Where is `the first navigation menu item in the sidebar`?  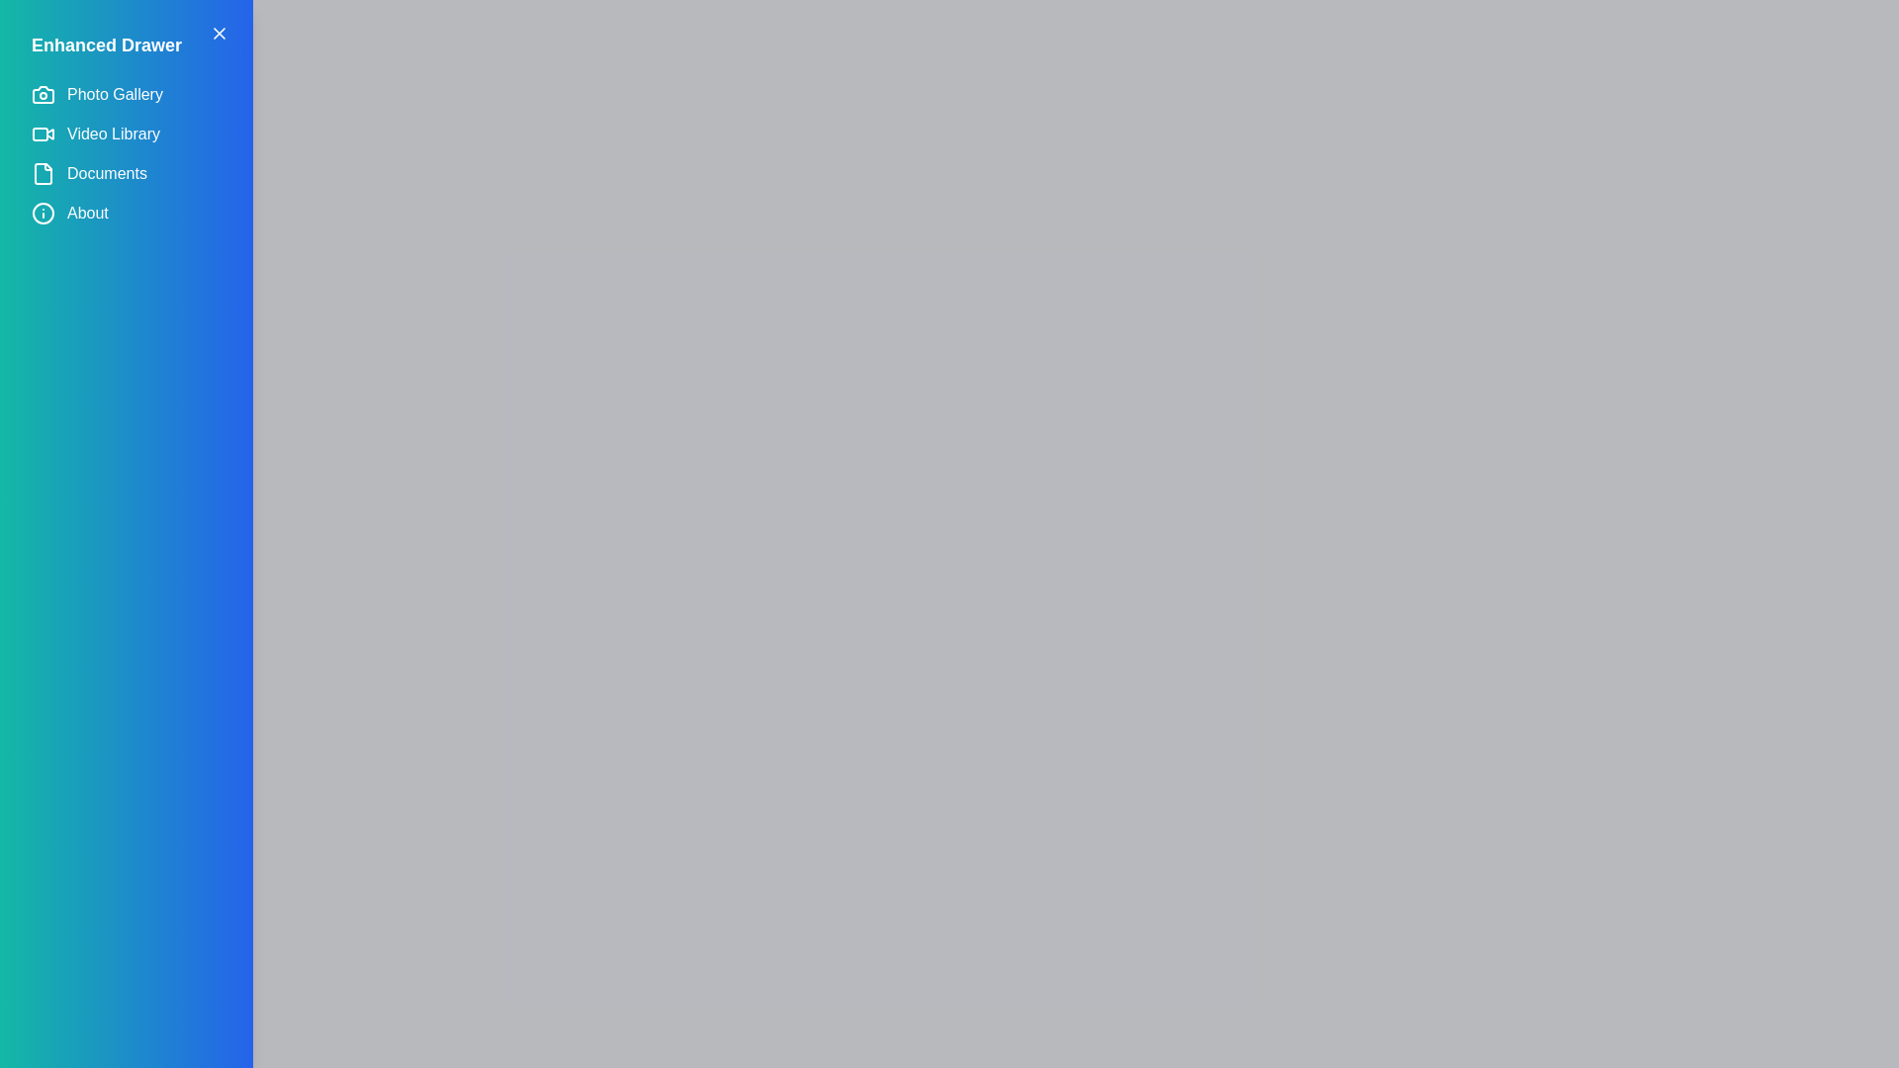
the first navigation menu item in the sidebar is located at coordinates (126, 95).